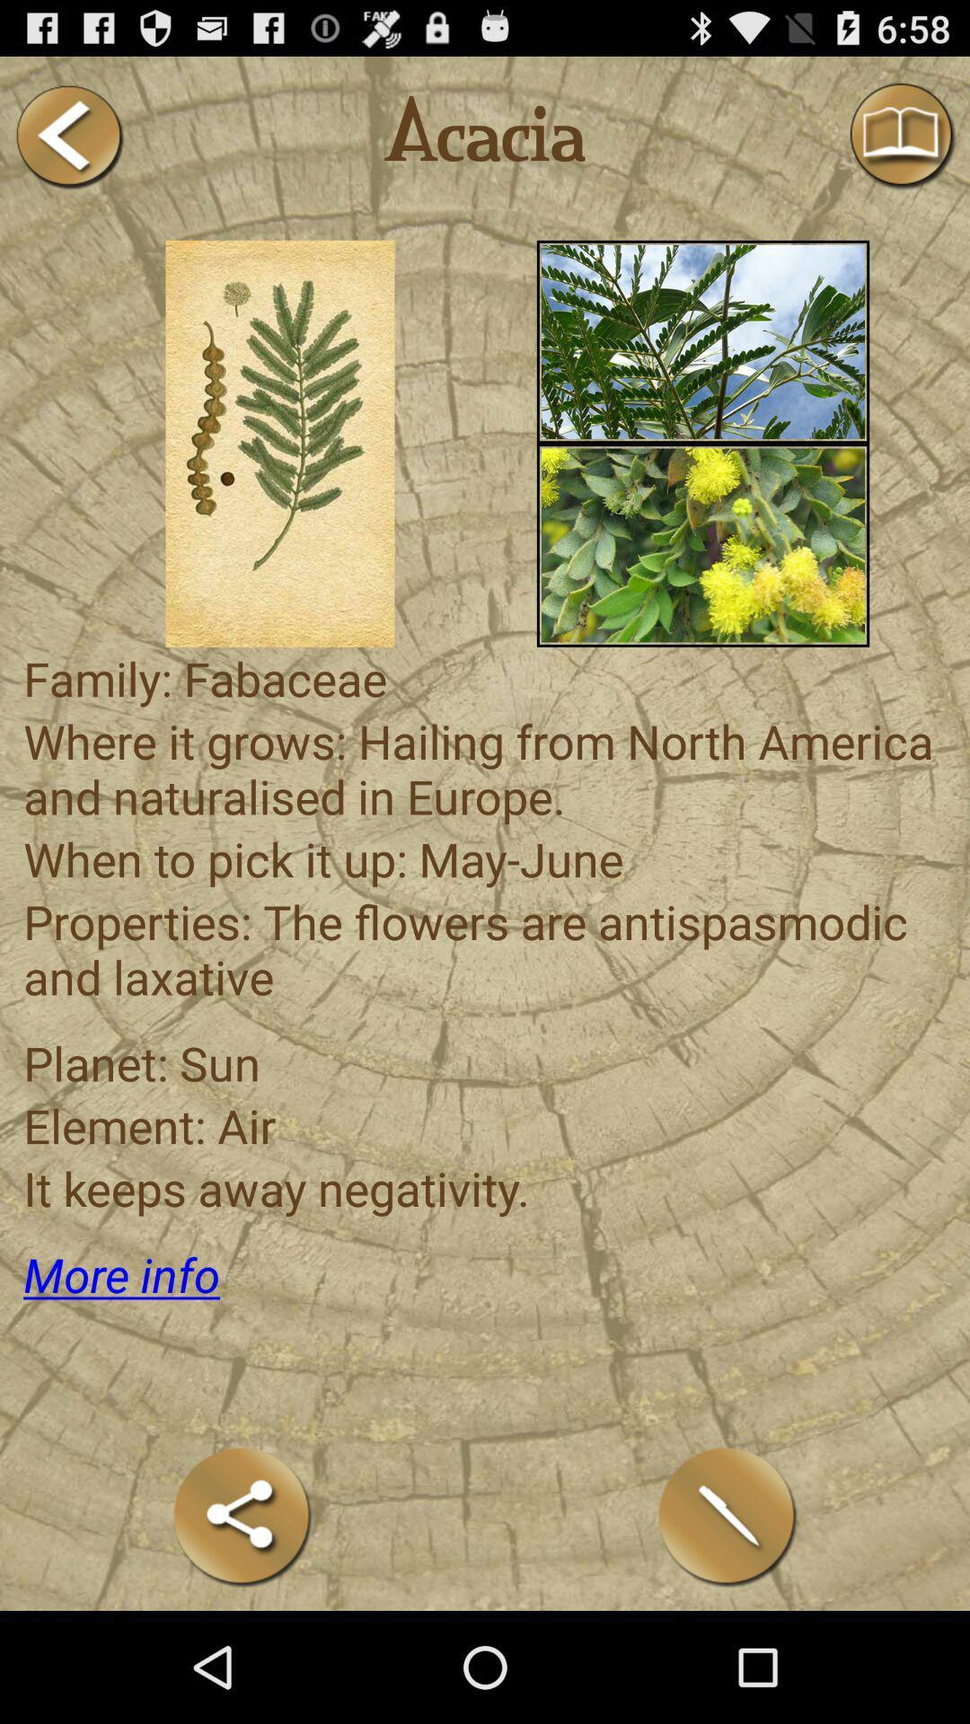  What do you see at coordinates (67, 136) in the screenshot?
I see `go back` at bounding box center [67, 136].